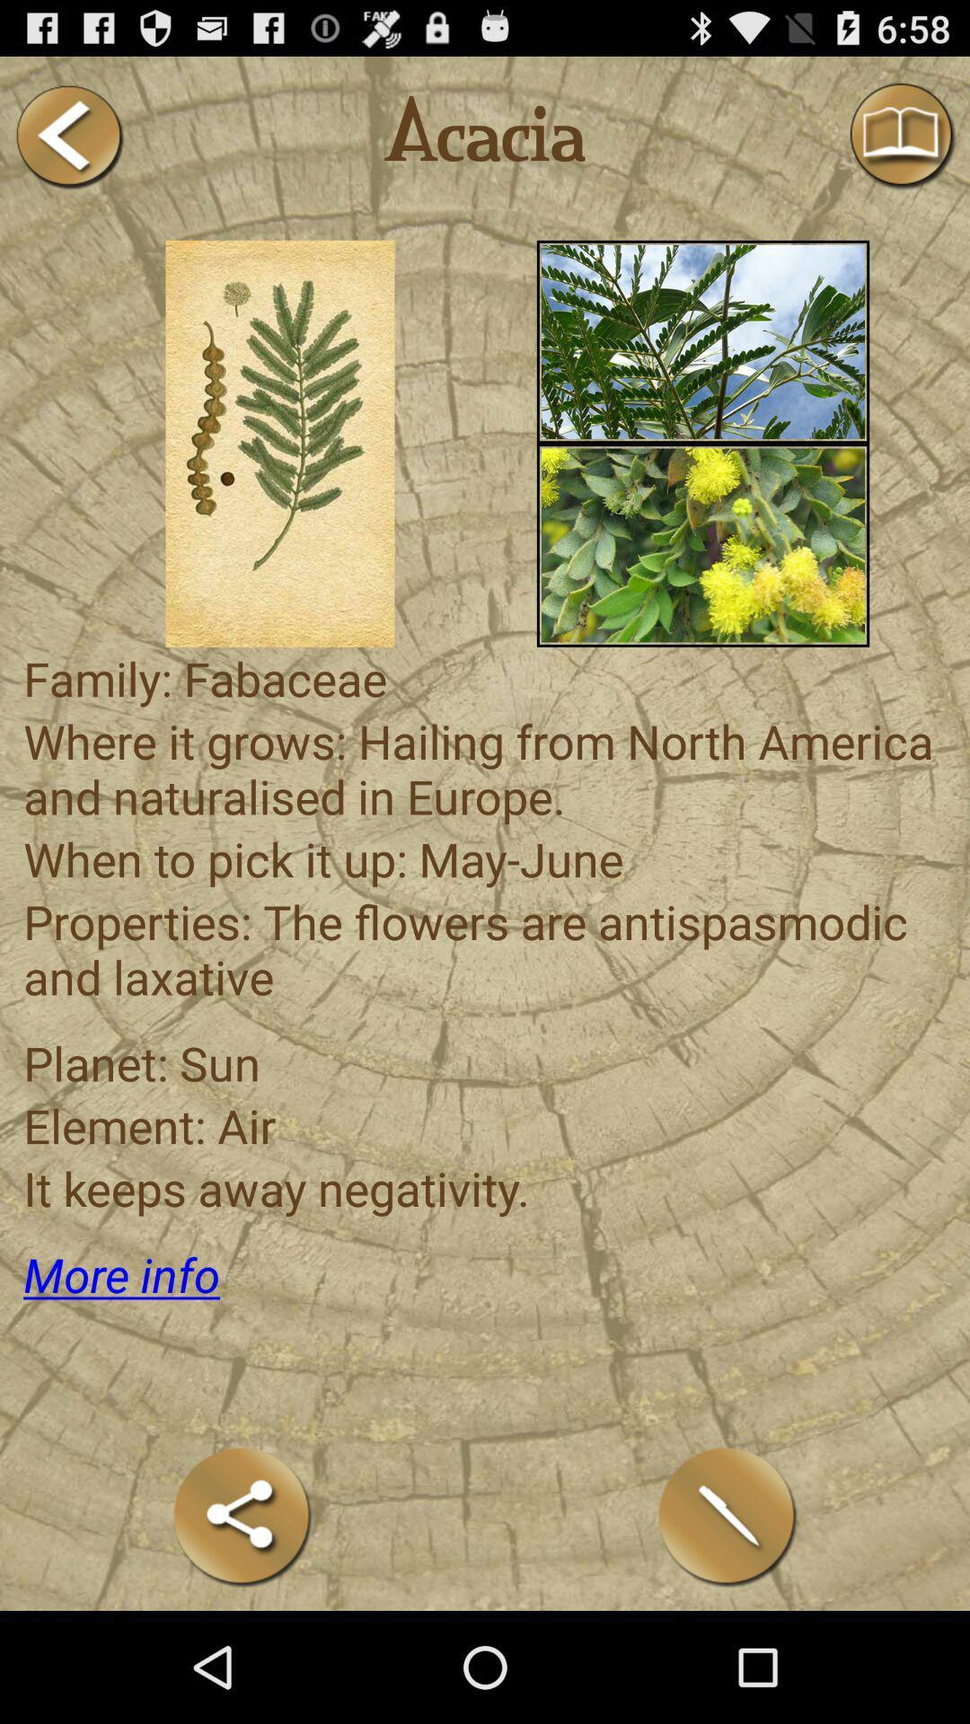  What do you see at coordinates (67, 136) in the screenshot?
I see `go back` at bounding box center [67, 136].